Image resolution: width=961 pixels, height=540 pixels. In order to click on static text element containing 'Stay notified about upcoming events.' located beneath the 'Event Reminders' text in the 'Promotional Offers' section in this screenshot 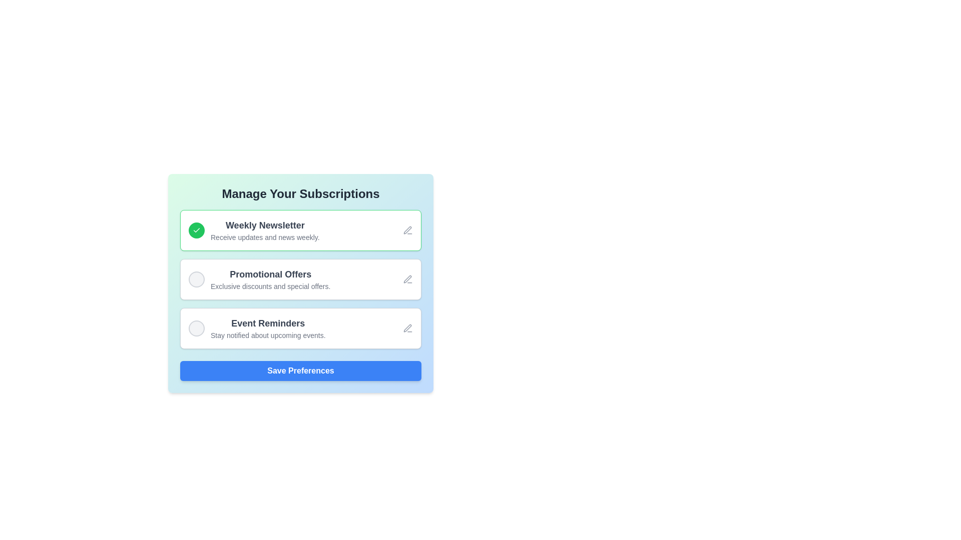, I will do `click(268, 335)`.